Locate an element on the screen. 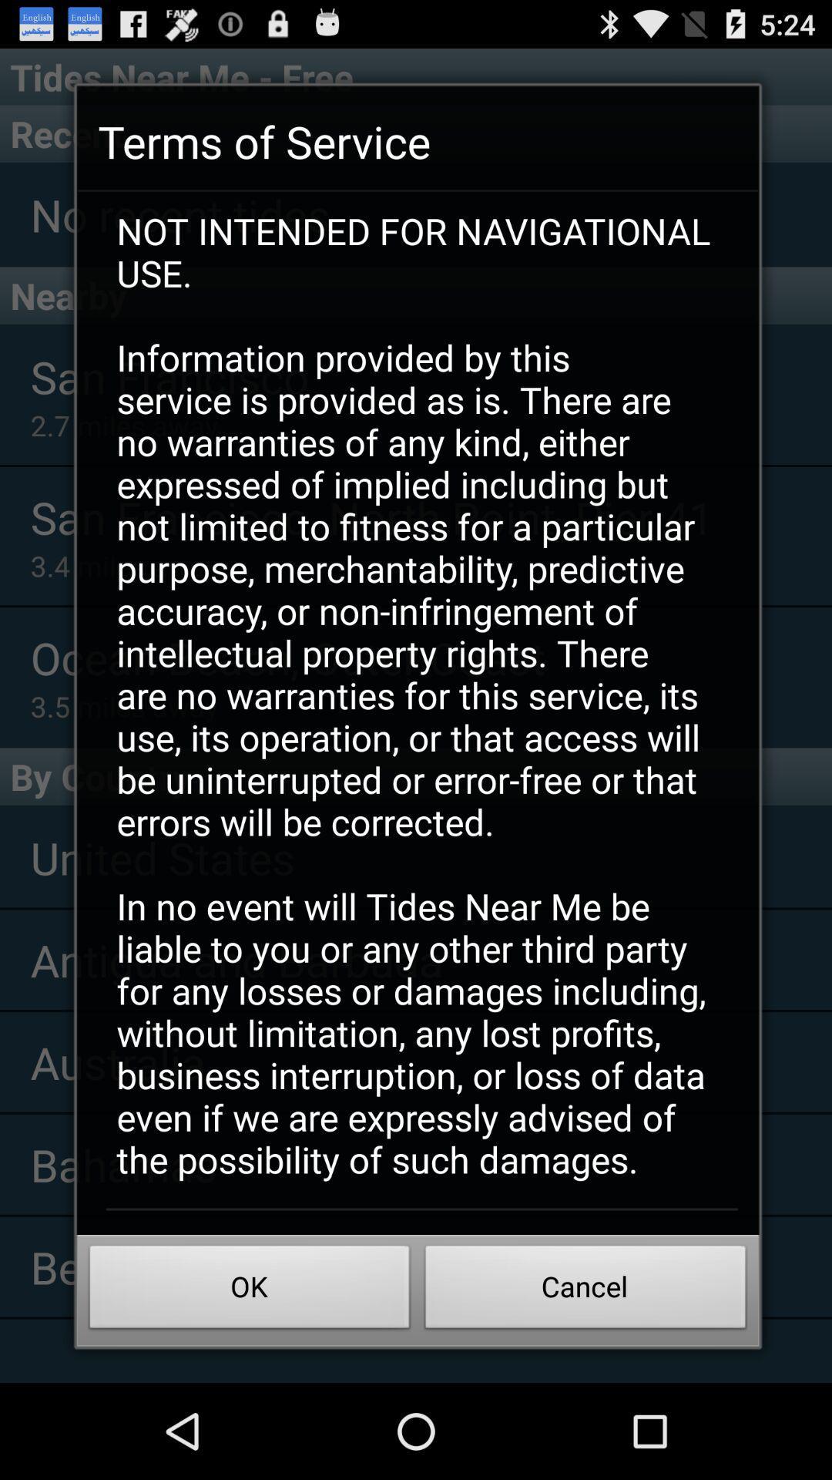 This screenshot has width=832, height=1480. the button to the right of ok is located at coordinates (585, 1291).